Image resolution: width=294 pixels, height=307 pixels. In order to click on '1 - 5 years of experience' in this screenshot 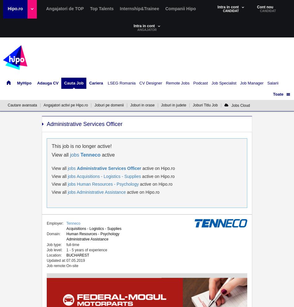, I will do `click(86, 249)`.